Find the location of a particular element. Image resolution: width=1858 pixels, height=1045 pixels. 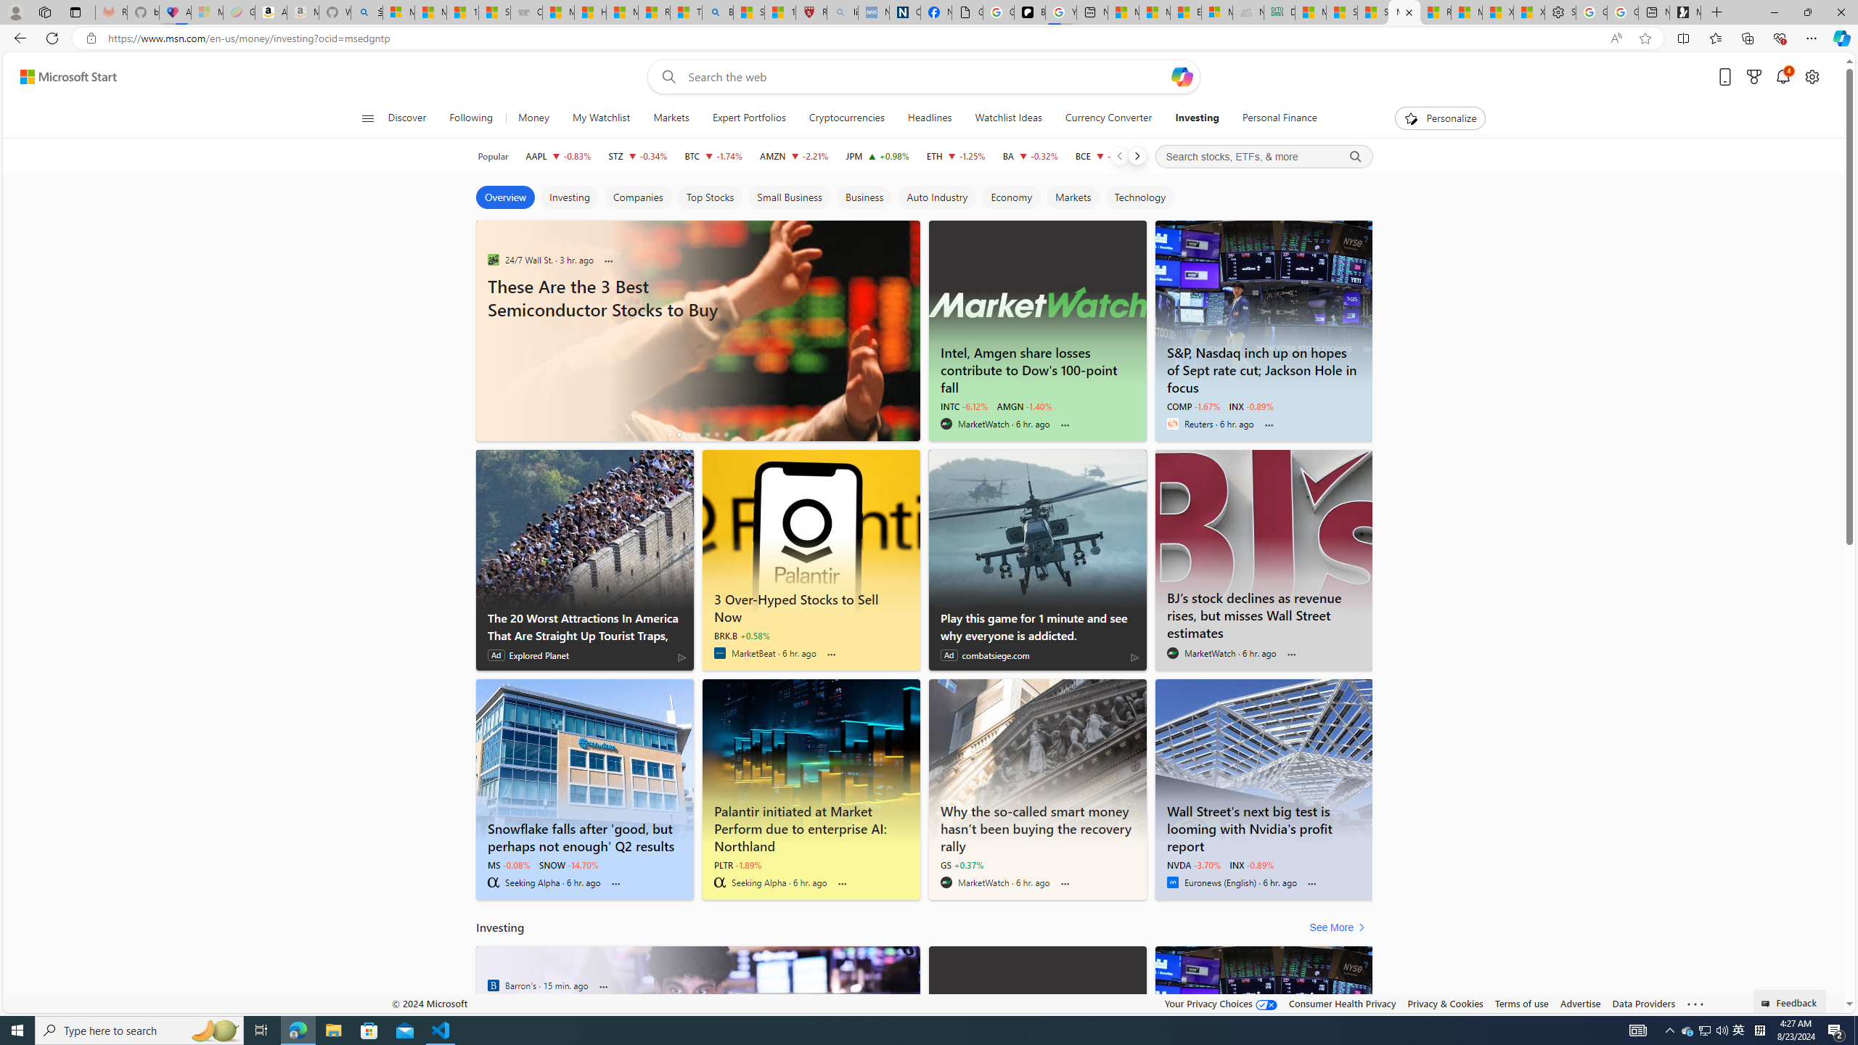

'Data Providers' is located at coordinates (1644, 1003).